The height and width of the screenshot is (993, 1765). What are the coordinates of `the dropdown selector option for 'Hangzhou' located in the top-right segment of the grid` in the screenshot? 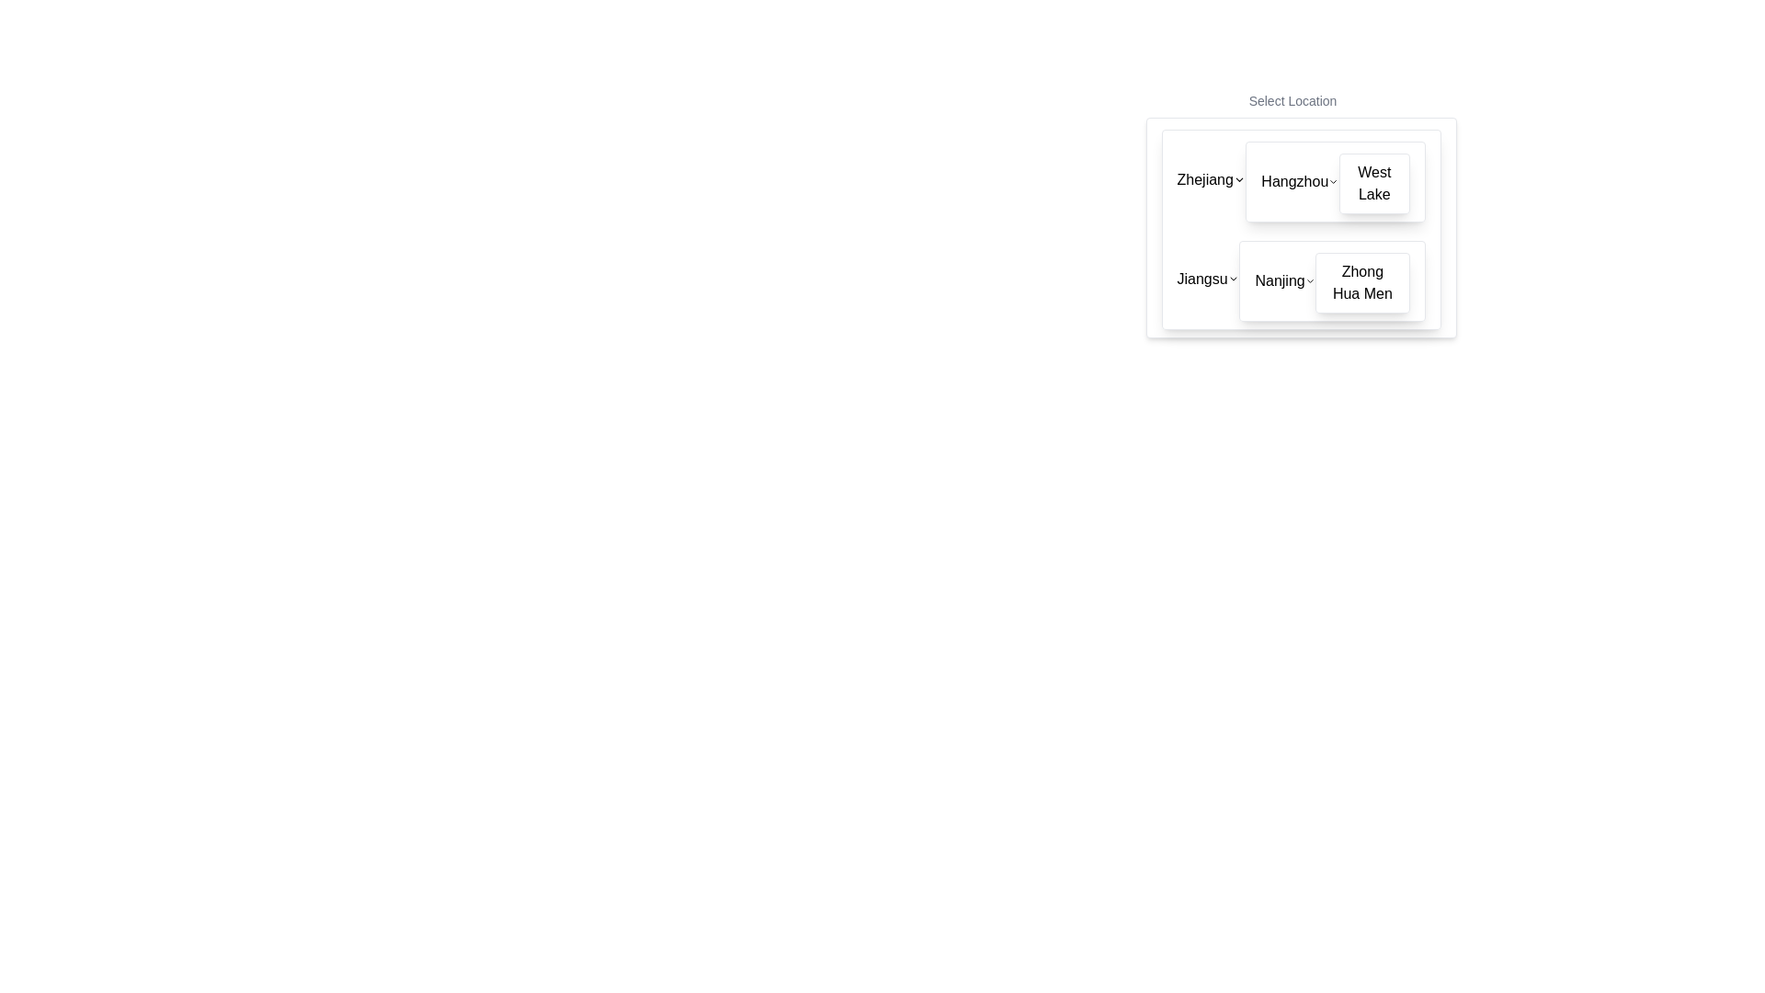 It's located at (1292, 191).